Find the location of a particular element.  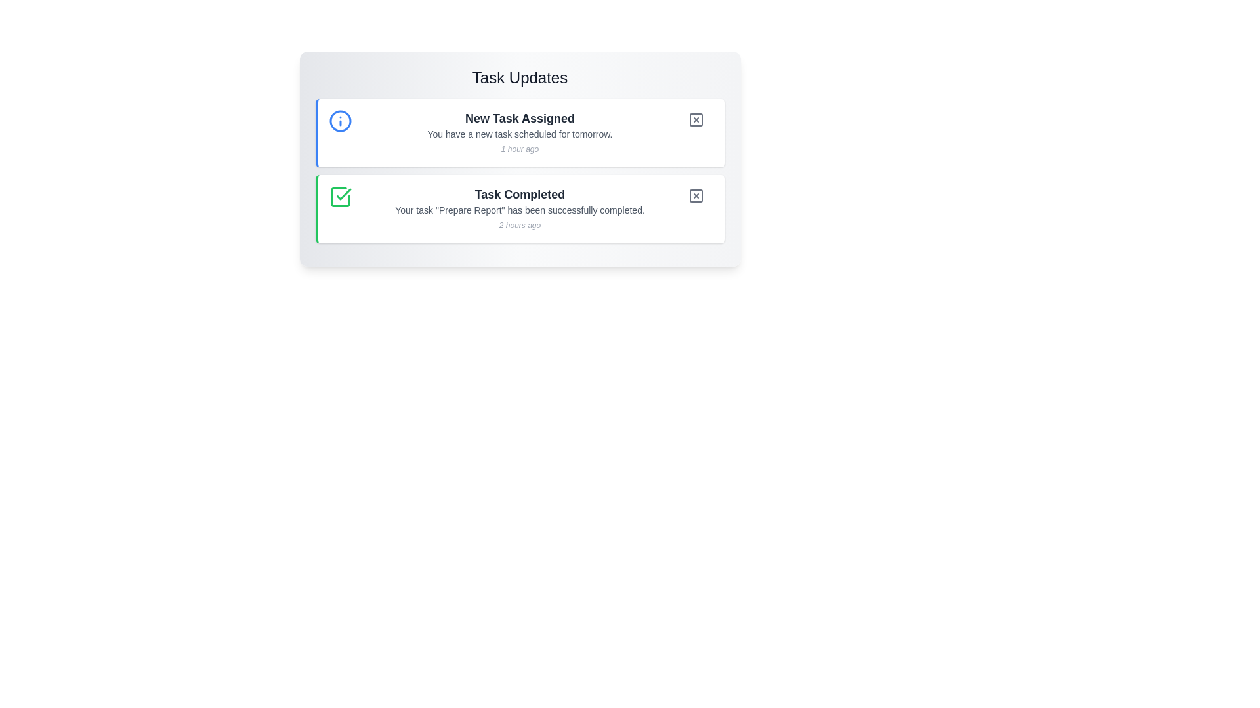

the first notification card titled 'New Task Assigned' in the 'Task Updates' section is located at coordinates (519, 133).